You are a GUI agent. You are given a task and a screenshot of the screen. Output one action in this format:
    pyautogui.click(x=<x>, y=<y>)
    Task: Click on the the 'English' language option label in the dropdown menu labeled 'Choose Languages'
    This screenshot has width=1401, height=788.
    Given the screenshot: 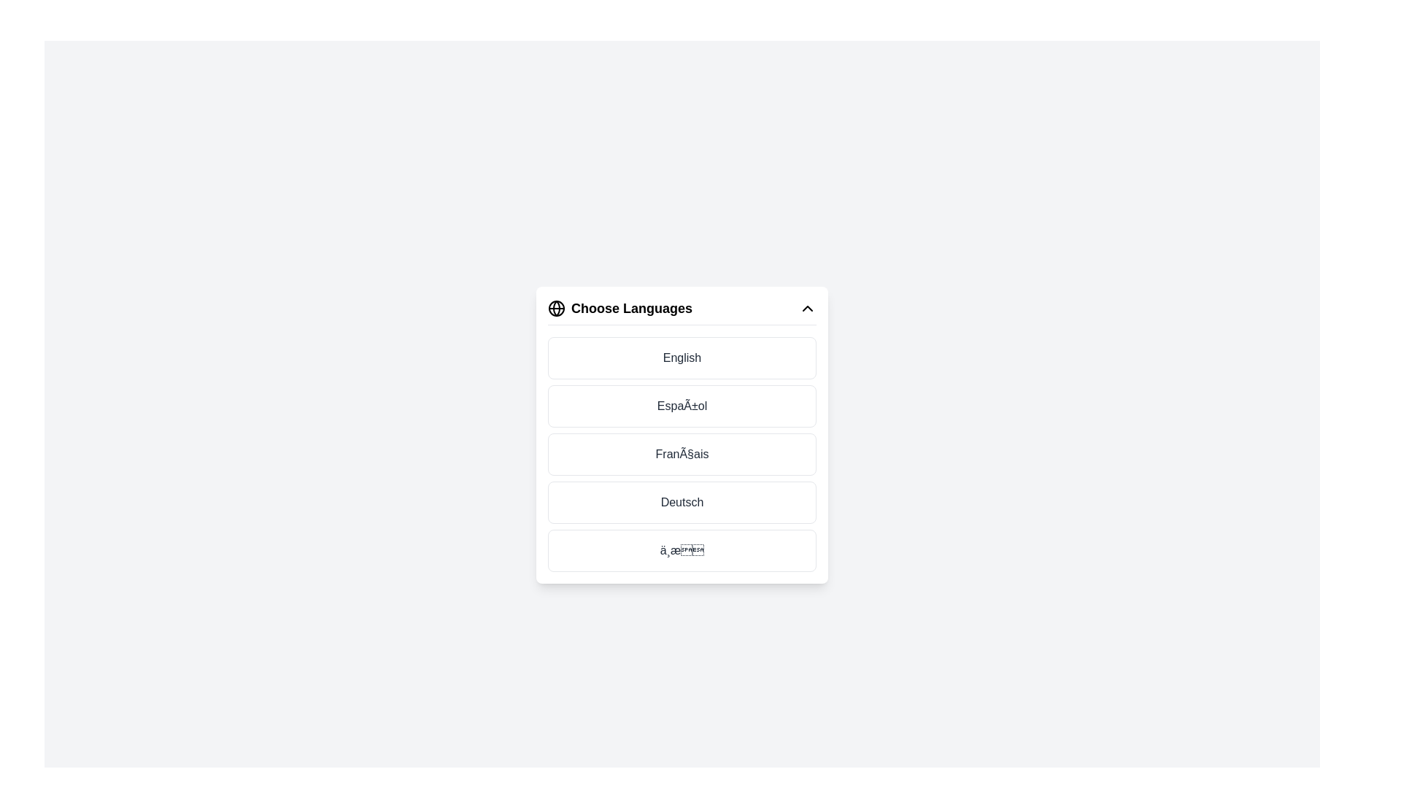 What is the action you would take?
    pyautogui.click(x=682, y=357)
    